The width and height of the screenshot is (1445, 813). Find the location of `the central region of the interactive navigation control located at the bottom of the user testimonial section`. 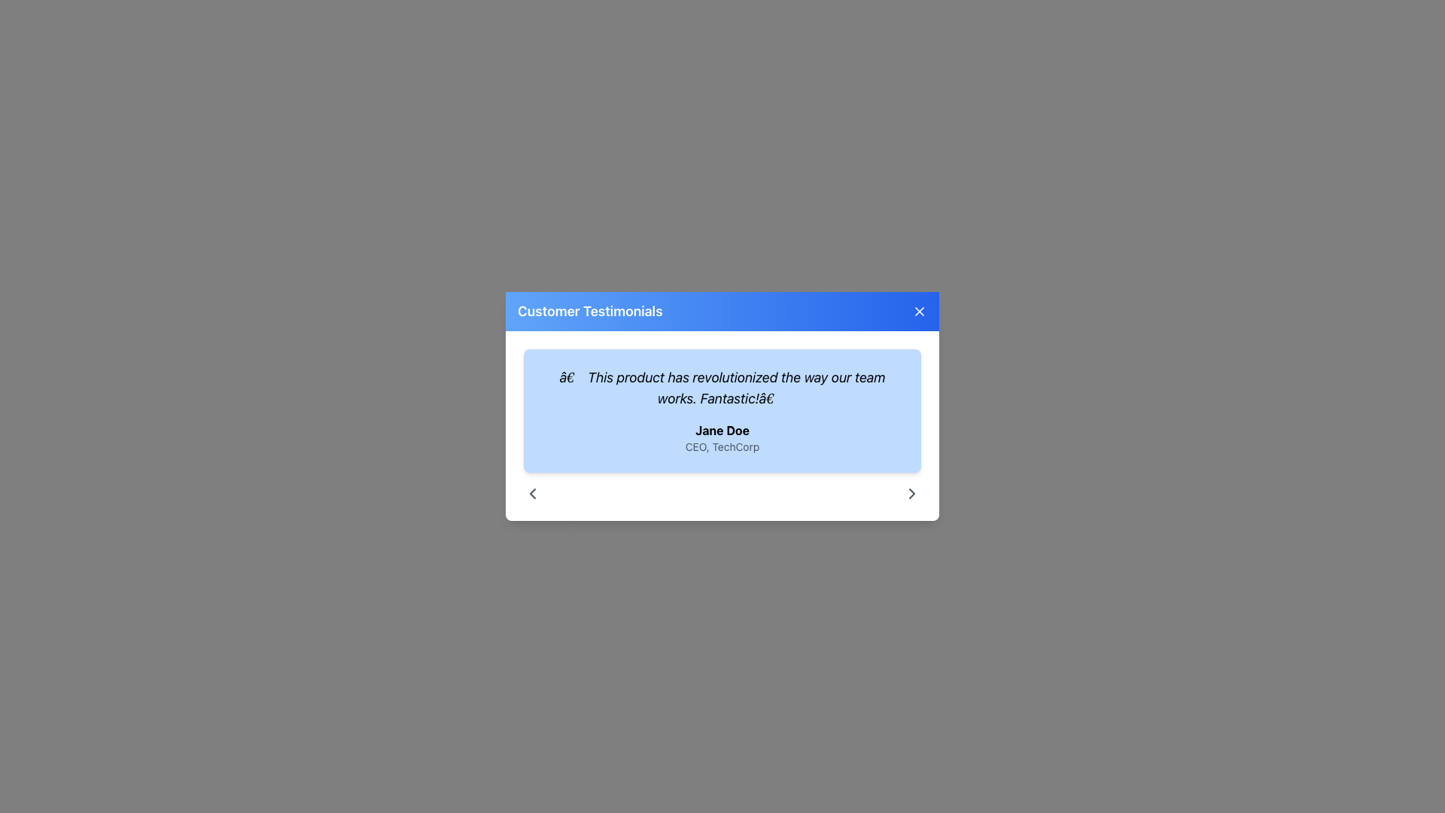

the central region of the interactive navigation control located at the bottom of the user testimonial section is located at coordinates (722, 493).